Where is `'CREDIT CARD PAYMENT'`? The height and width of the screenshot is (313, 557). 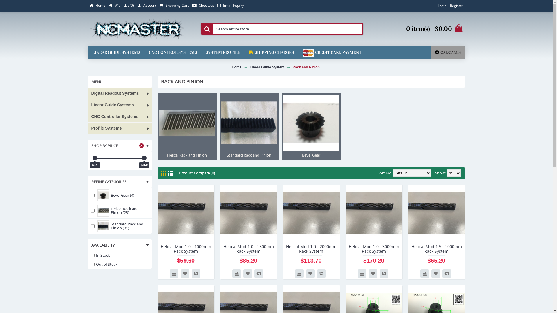 'CREDIT CARD PAYMENT' is located at coordinates (332, 52).